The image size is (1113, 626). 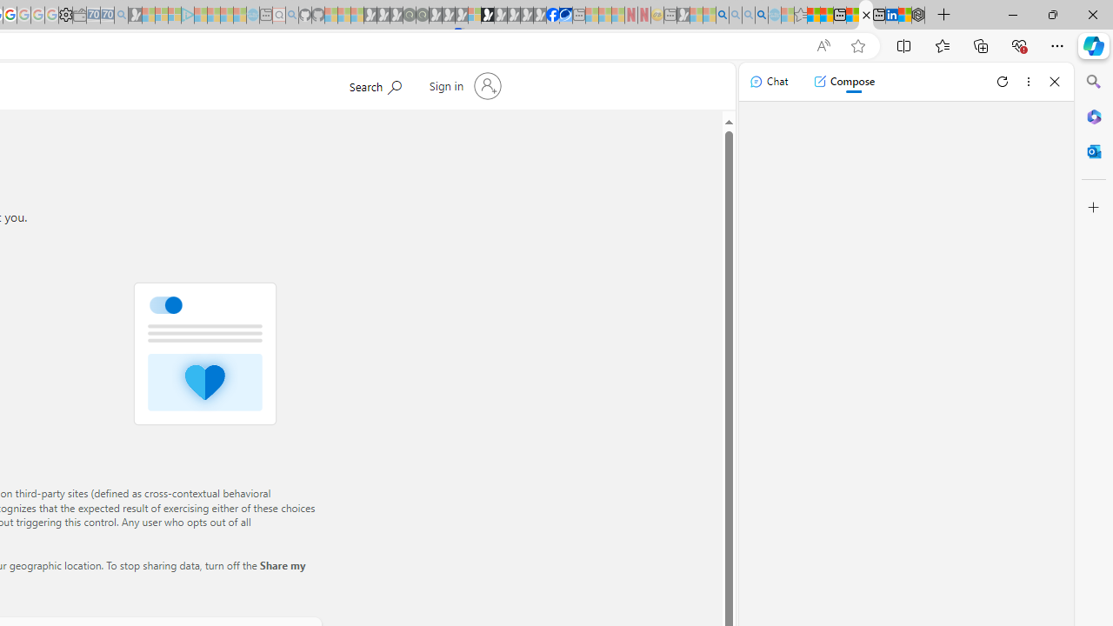 I want to click on 'AQI & Health | AirNow.gov', so click(x=565, y=15).